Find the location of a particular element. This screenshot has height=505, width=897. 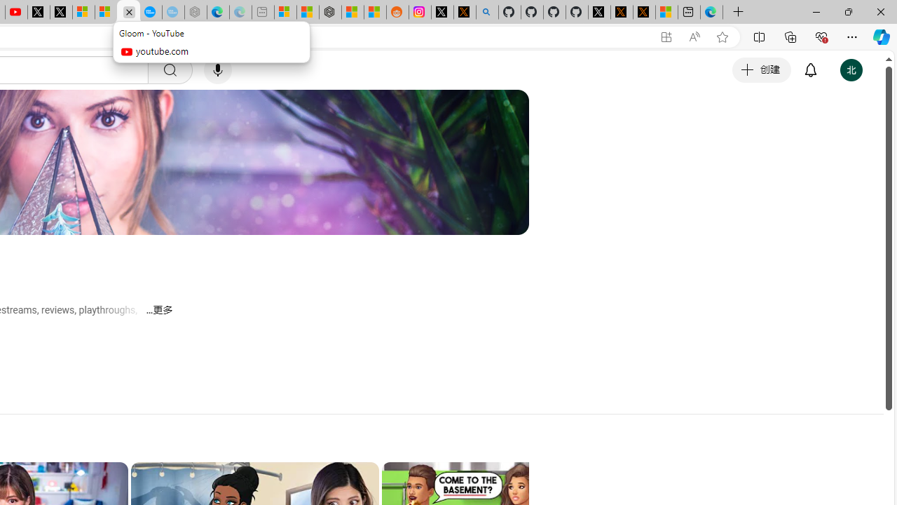

'Settings and more (Alt+F)' is located at coordinates (851, 36).